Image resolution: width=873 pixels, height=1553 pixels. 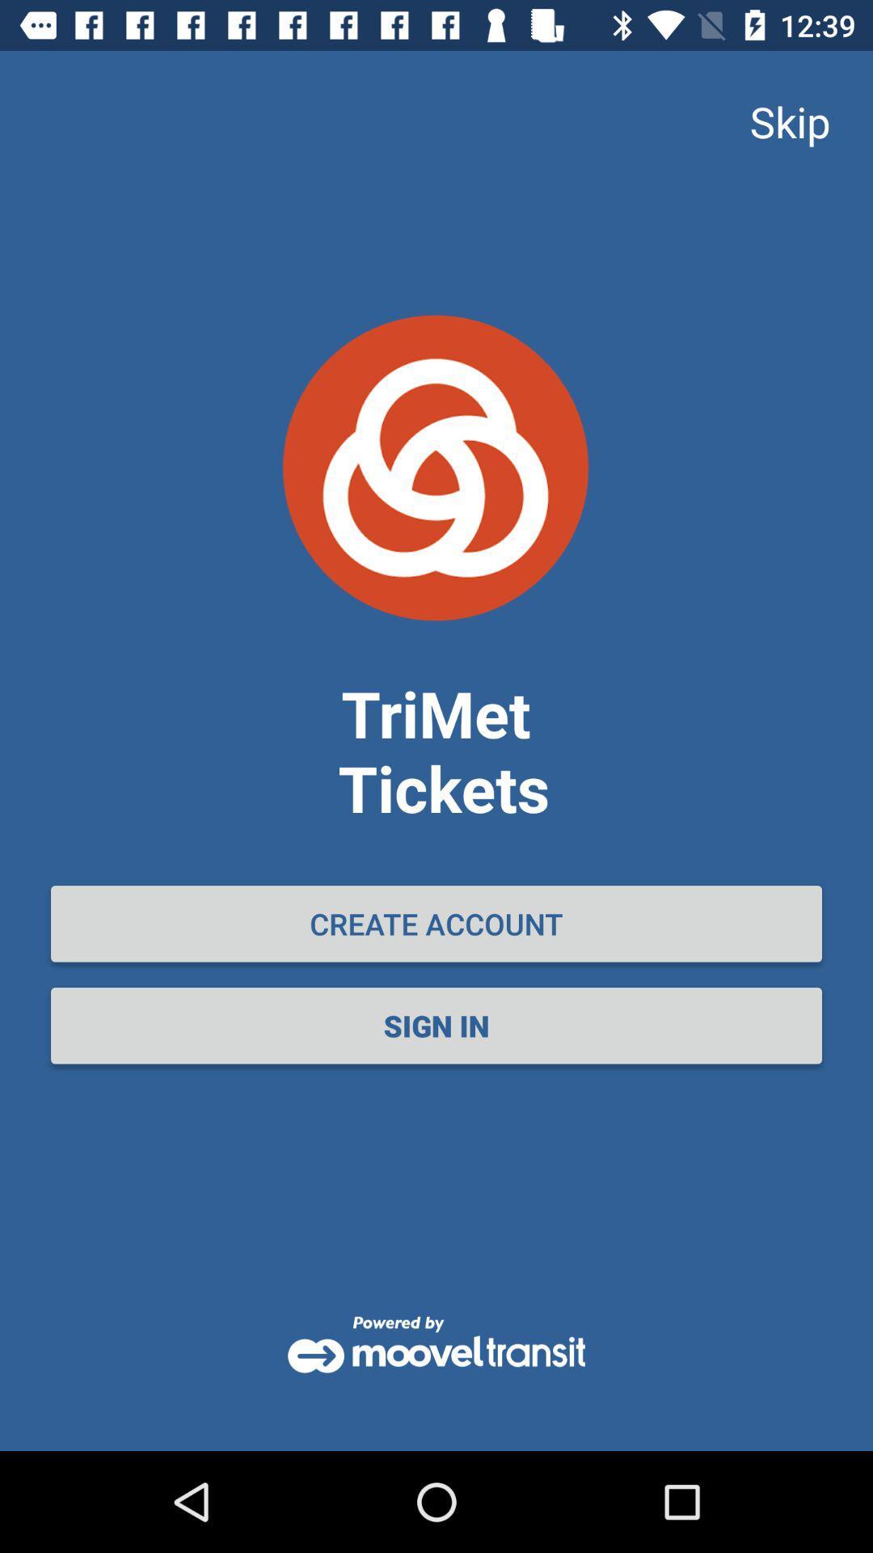 What do you see at coordinates (789, 121) in the screenshot?
I see `skip` at bounding box center [789, 121].